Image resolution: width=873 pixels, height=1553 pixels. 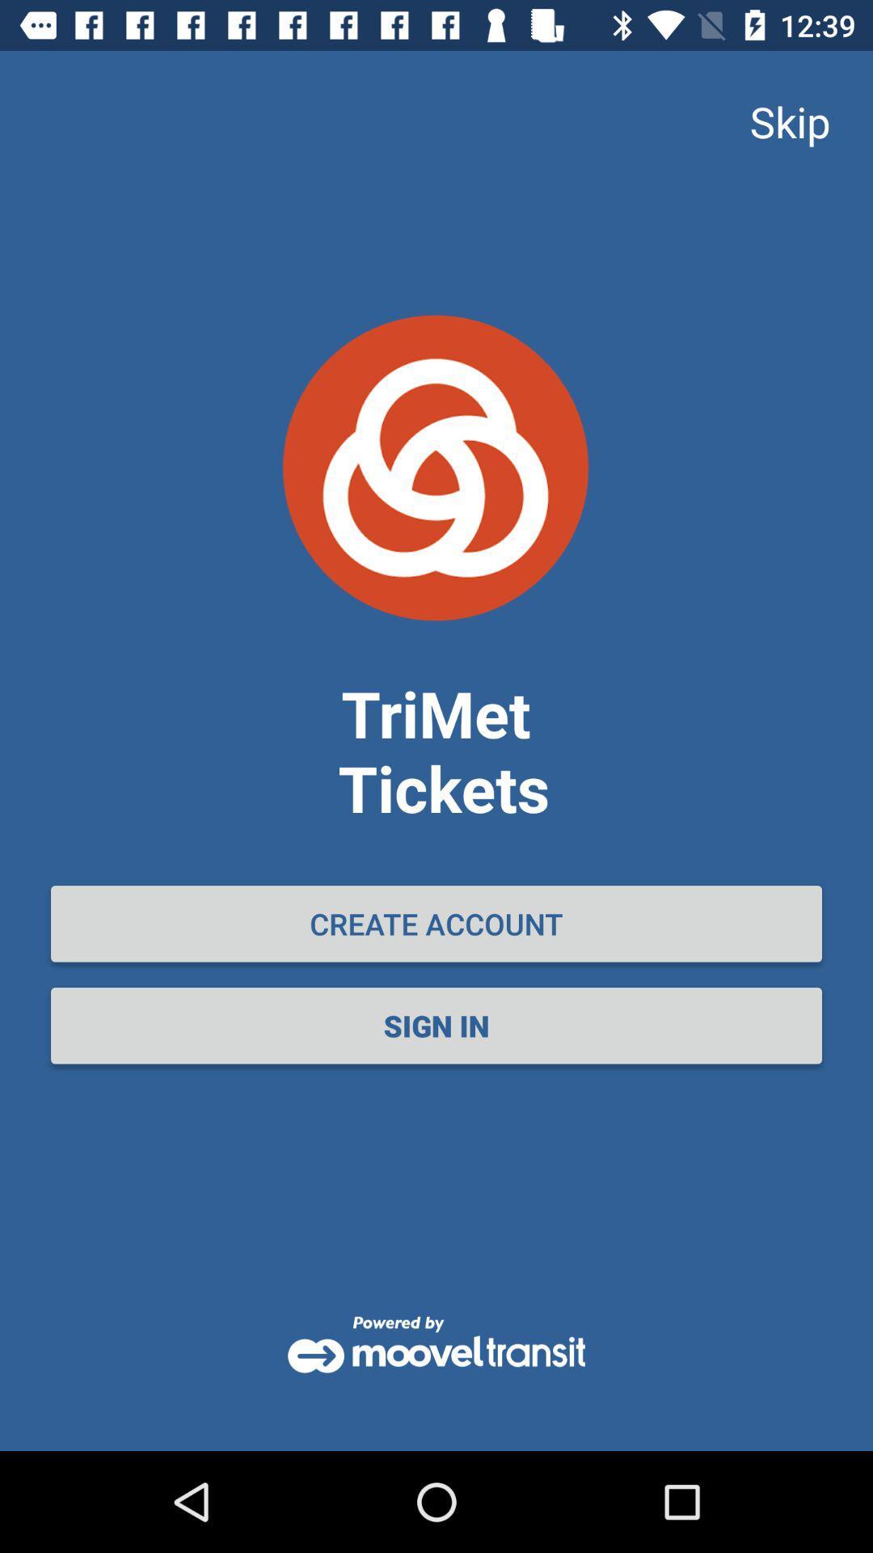 What do you see at coordinates (789, 121) in the screenshot?
I see `skip` at bounding box center [789, 121].